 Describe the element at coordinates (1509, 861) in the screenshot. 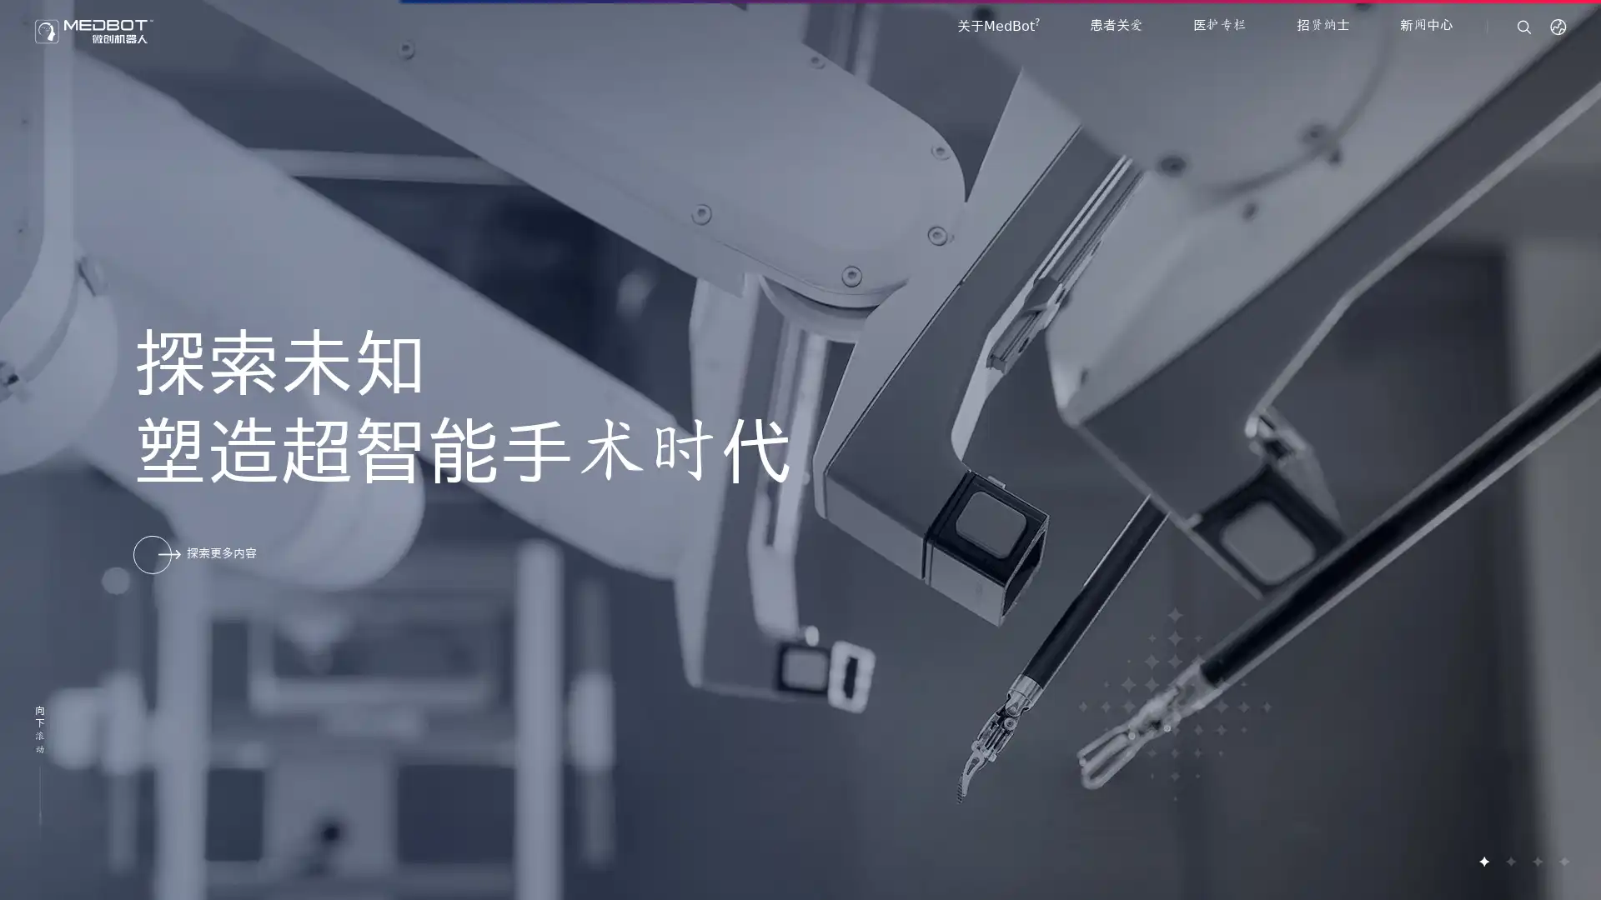

I see `Go to slide 2` at that location.